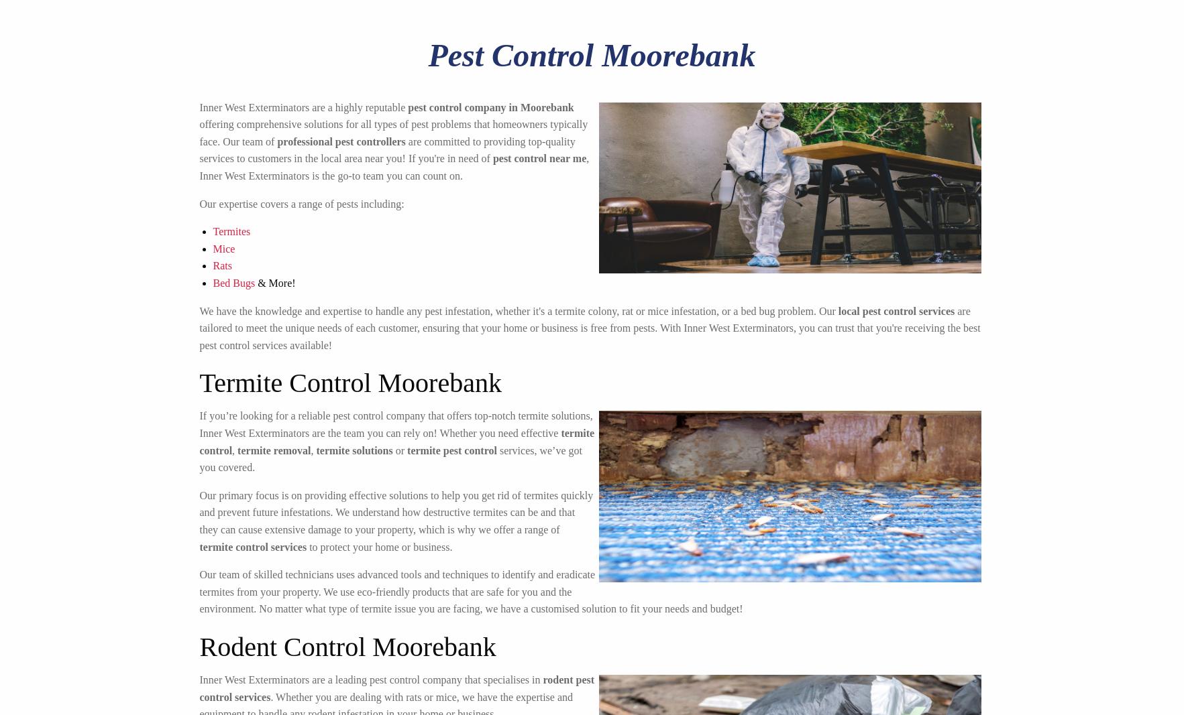  Describe the element at coordinates (254, 282) in the screenshot. I see `'& More!'` at that location.